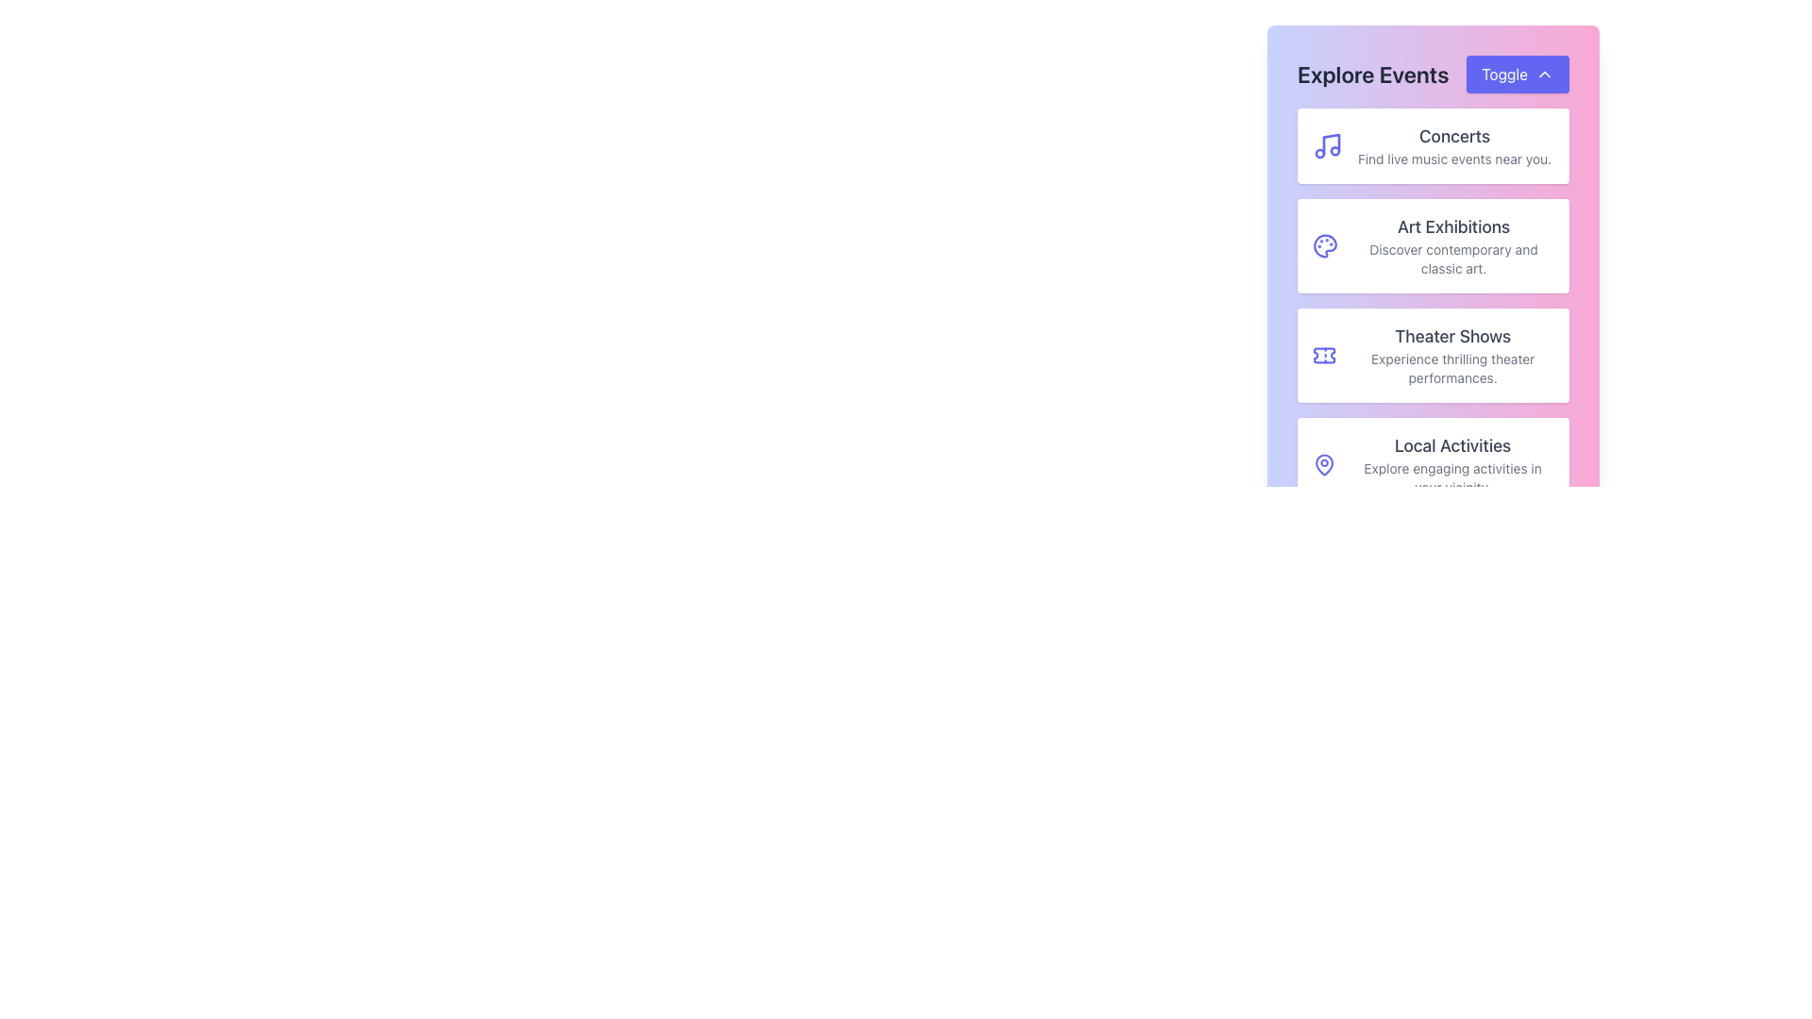 This screenshot has height=1019, width=1812. I want to click on the text block titled 'Concerts' which is prominently displayed in large, bold, gray text, located in the first card under the 'Explore Events' section, so click(1453, 144).